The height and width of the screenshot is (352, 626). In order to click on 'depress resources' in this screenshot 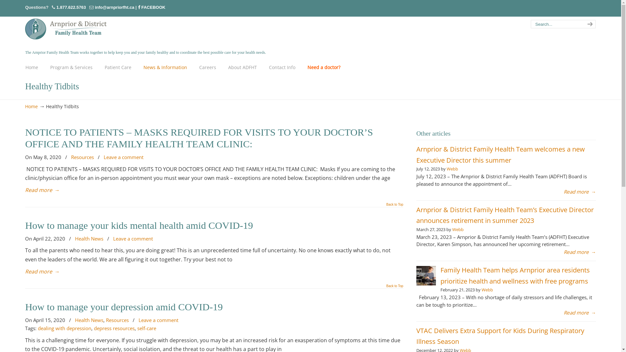, I will do `click(94, 328)`.